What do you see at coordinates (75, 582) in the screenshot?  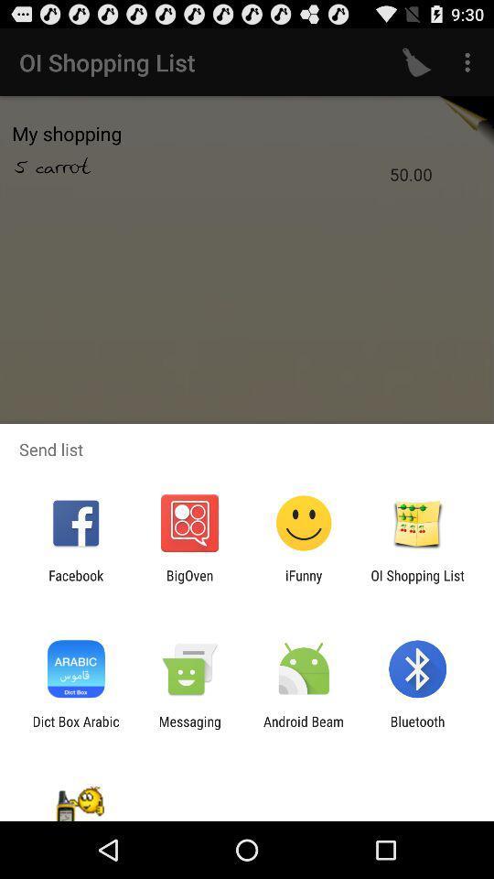 I see `item next to the bigoven icon` at bounding box center [75, 582].